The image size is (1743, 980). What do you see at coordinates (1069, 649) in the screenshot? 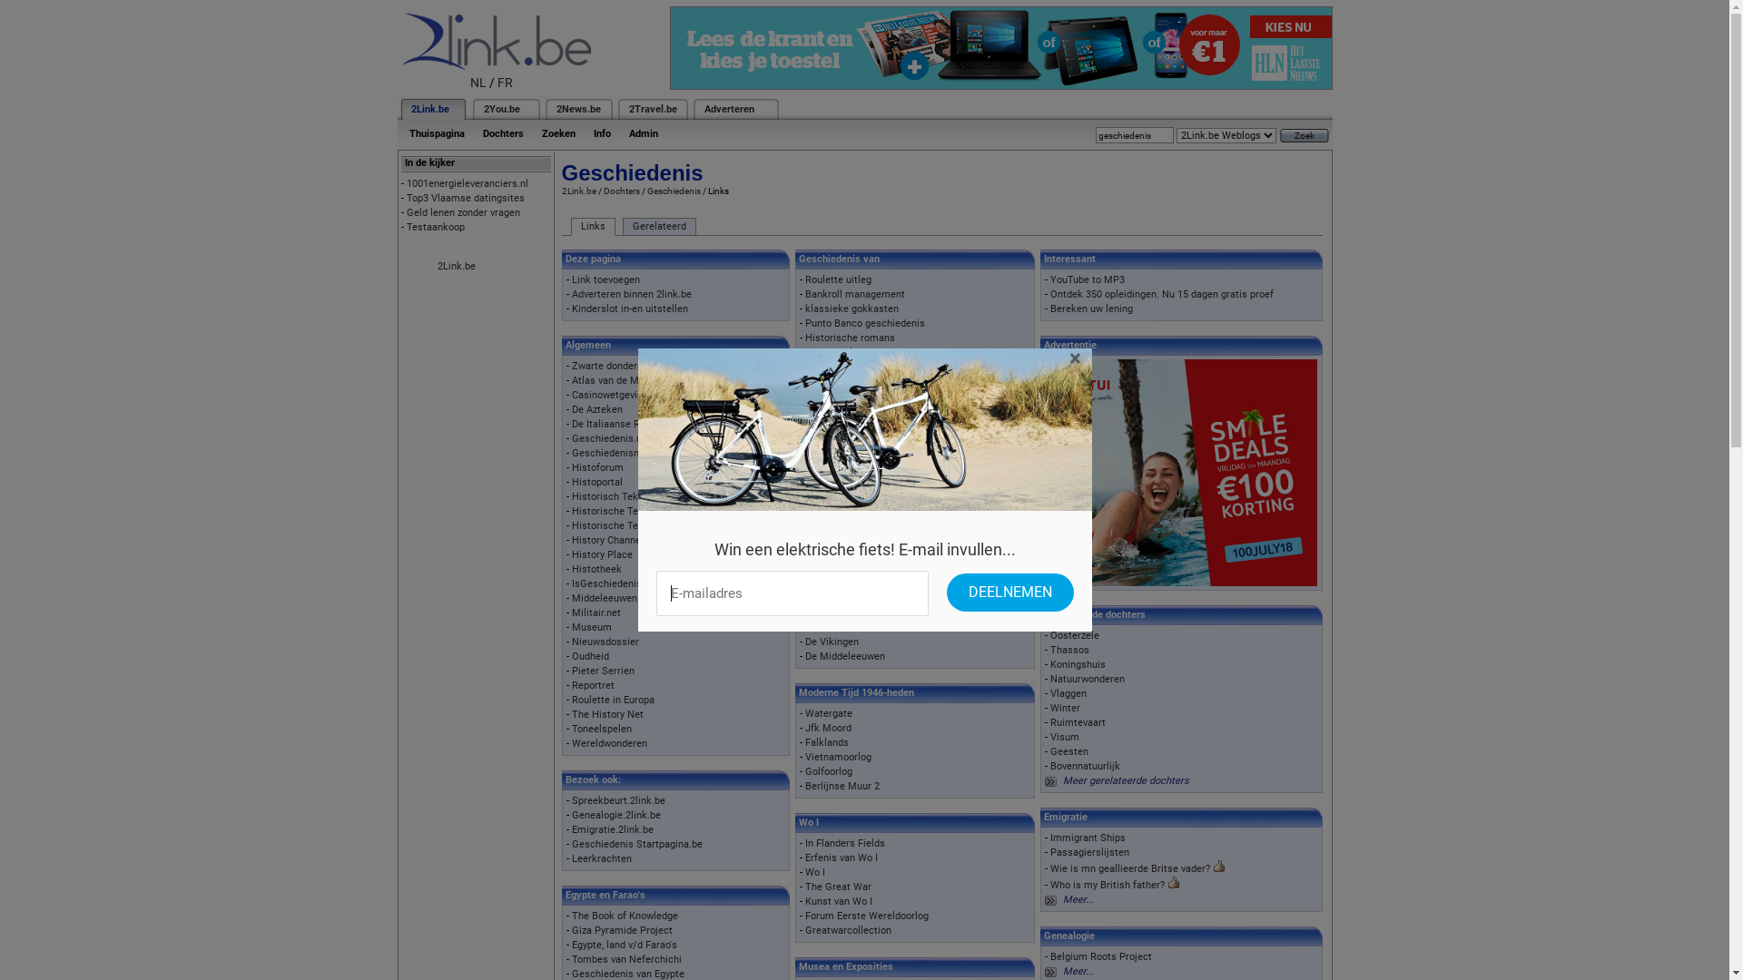
I see `'Thassos'` at bounding box center [1069, 649].